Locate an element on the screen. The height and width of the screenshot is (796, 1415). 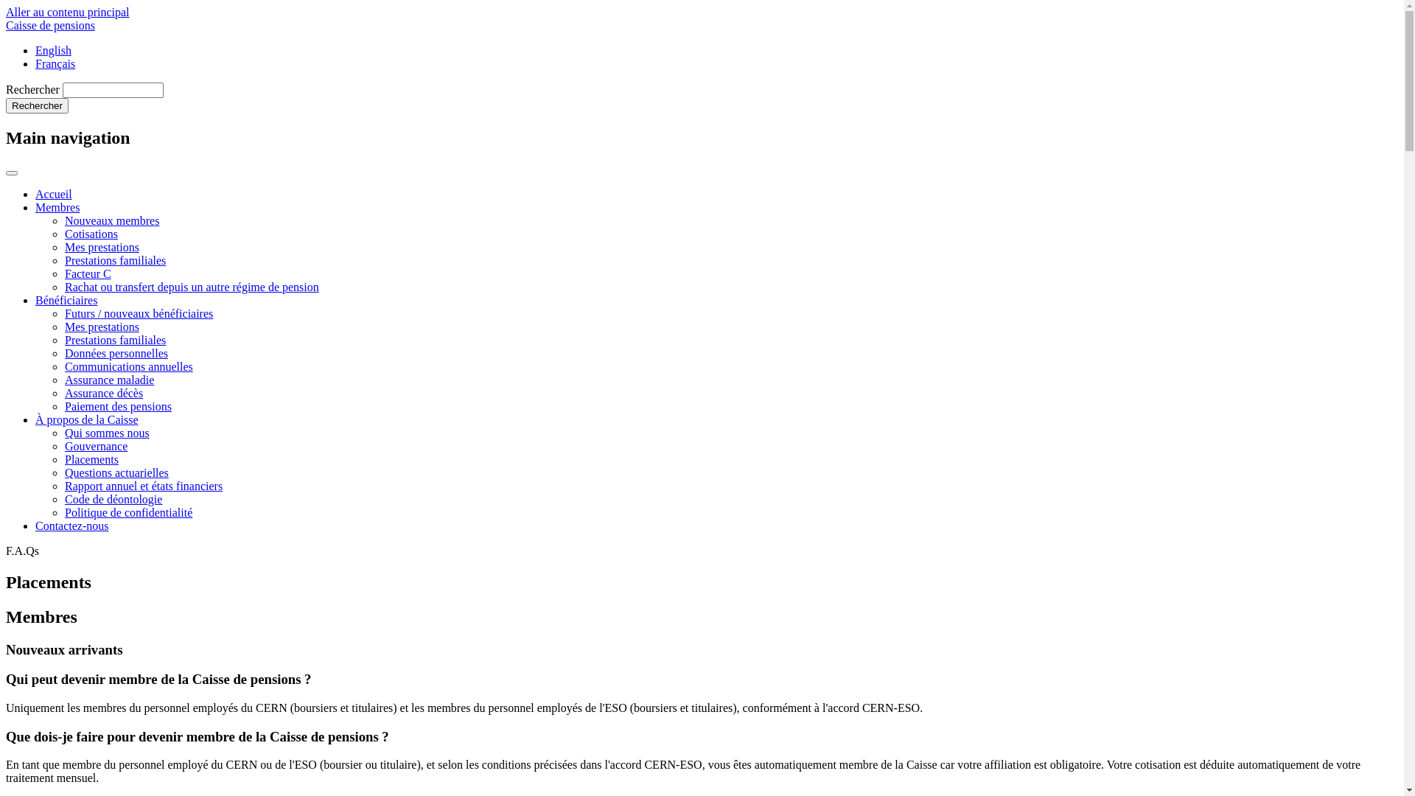
'Placements' is located at coordinates (91, 458).